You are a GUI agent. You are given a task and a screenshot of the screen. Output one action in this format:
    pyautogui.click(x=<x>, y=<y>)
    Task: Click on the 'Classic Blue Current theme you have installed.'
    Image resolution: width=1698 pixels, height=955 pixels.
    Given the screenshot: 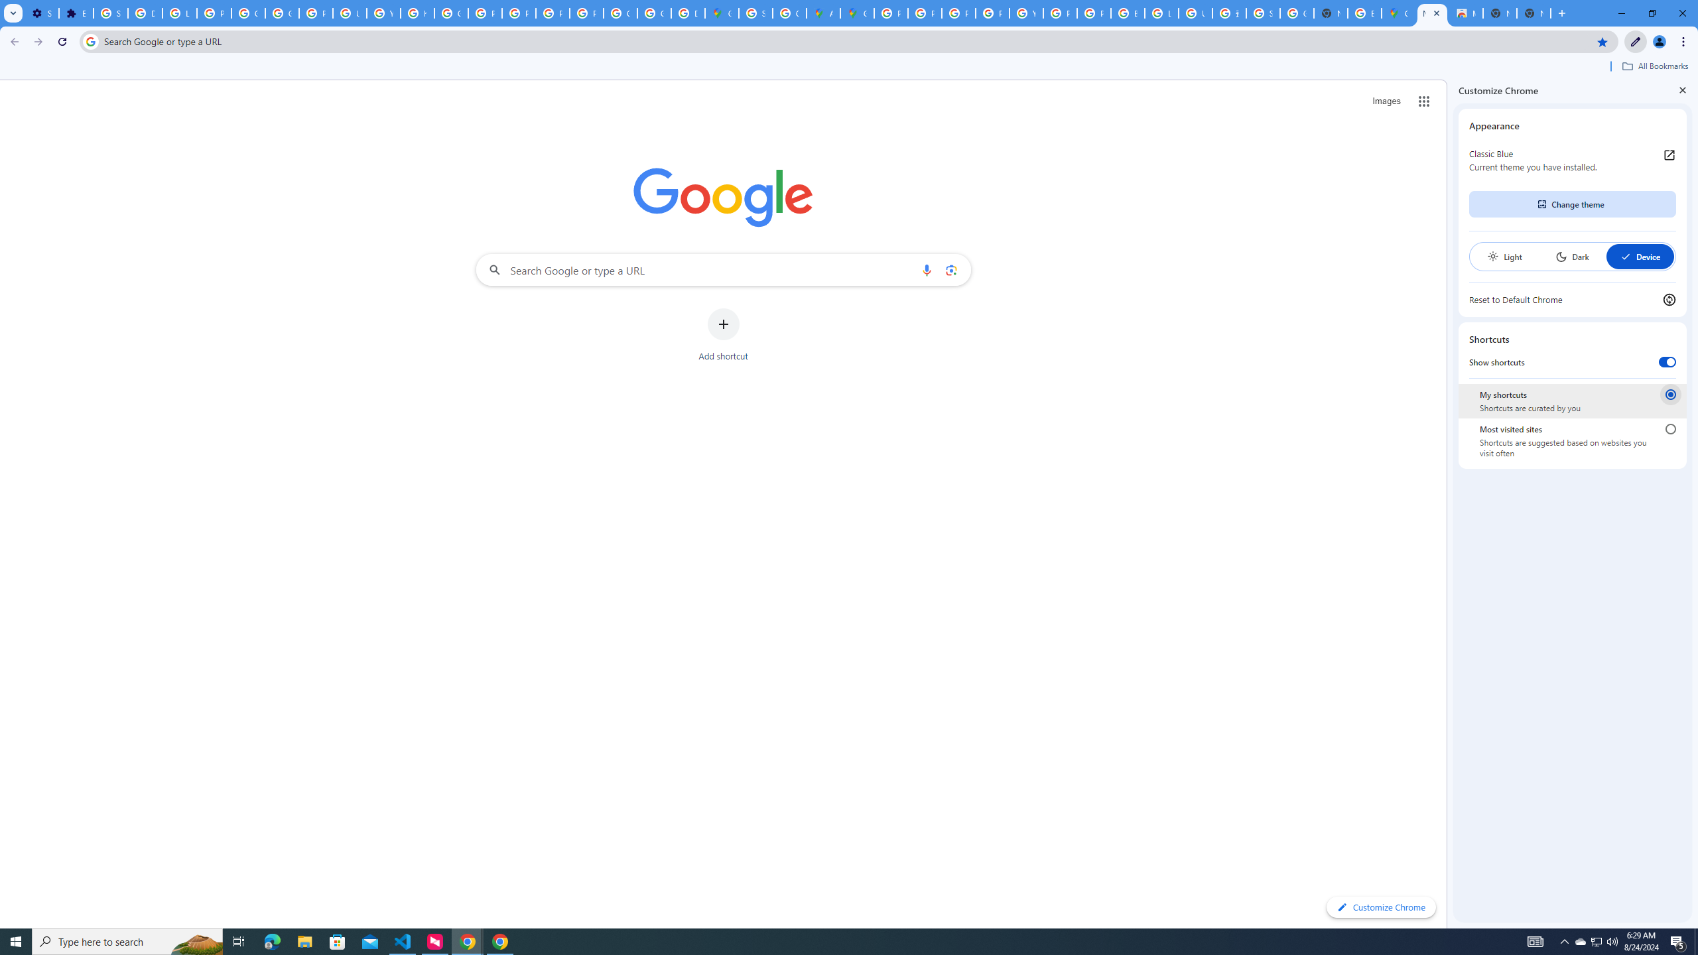 What is the action you would take?
    pyautogui.click(x=1571, y=160)
    